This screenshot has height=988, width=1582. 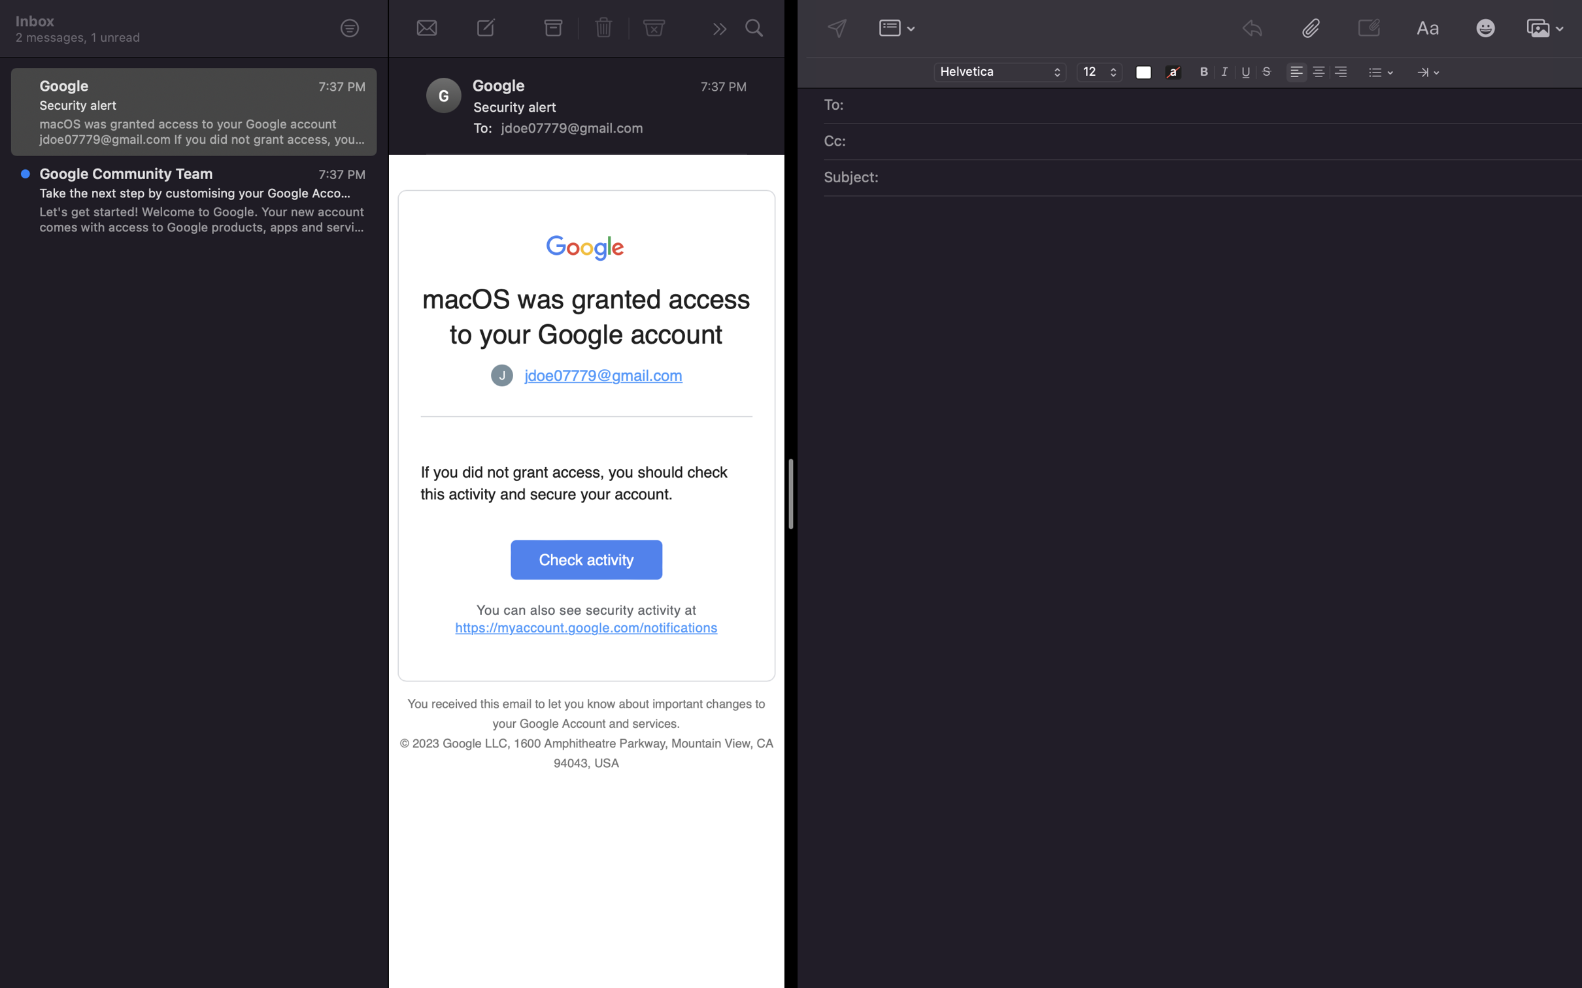 What do you see at coordinates (1212, 106) in the screenshot?
I see `Type "john@gmail.com" as the recipient of the email` at bounding box center [1212, 106].